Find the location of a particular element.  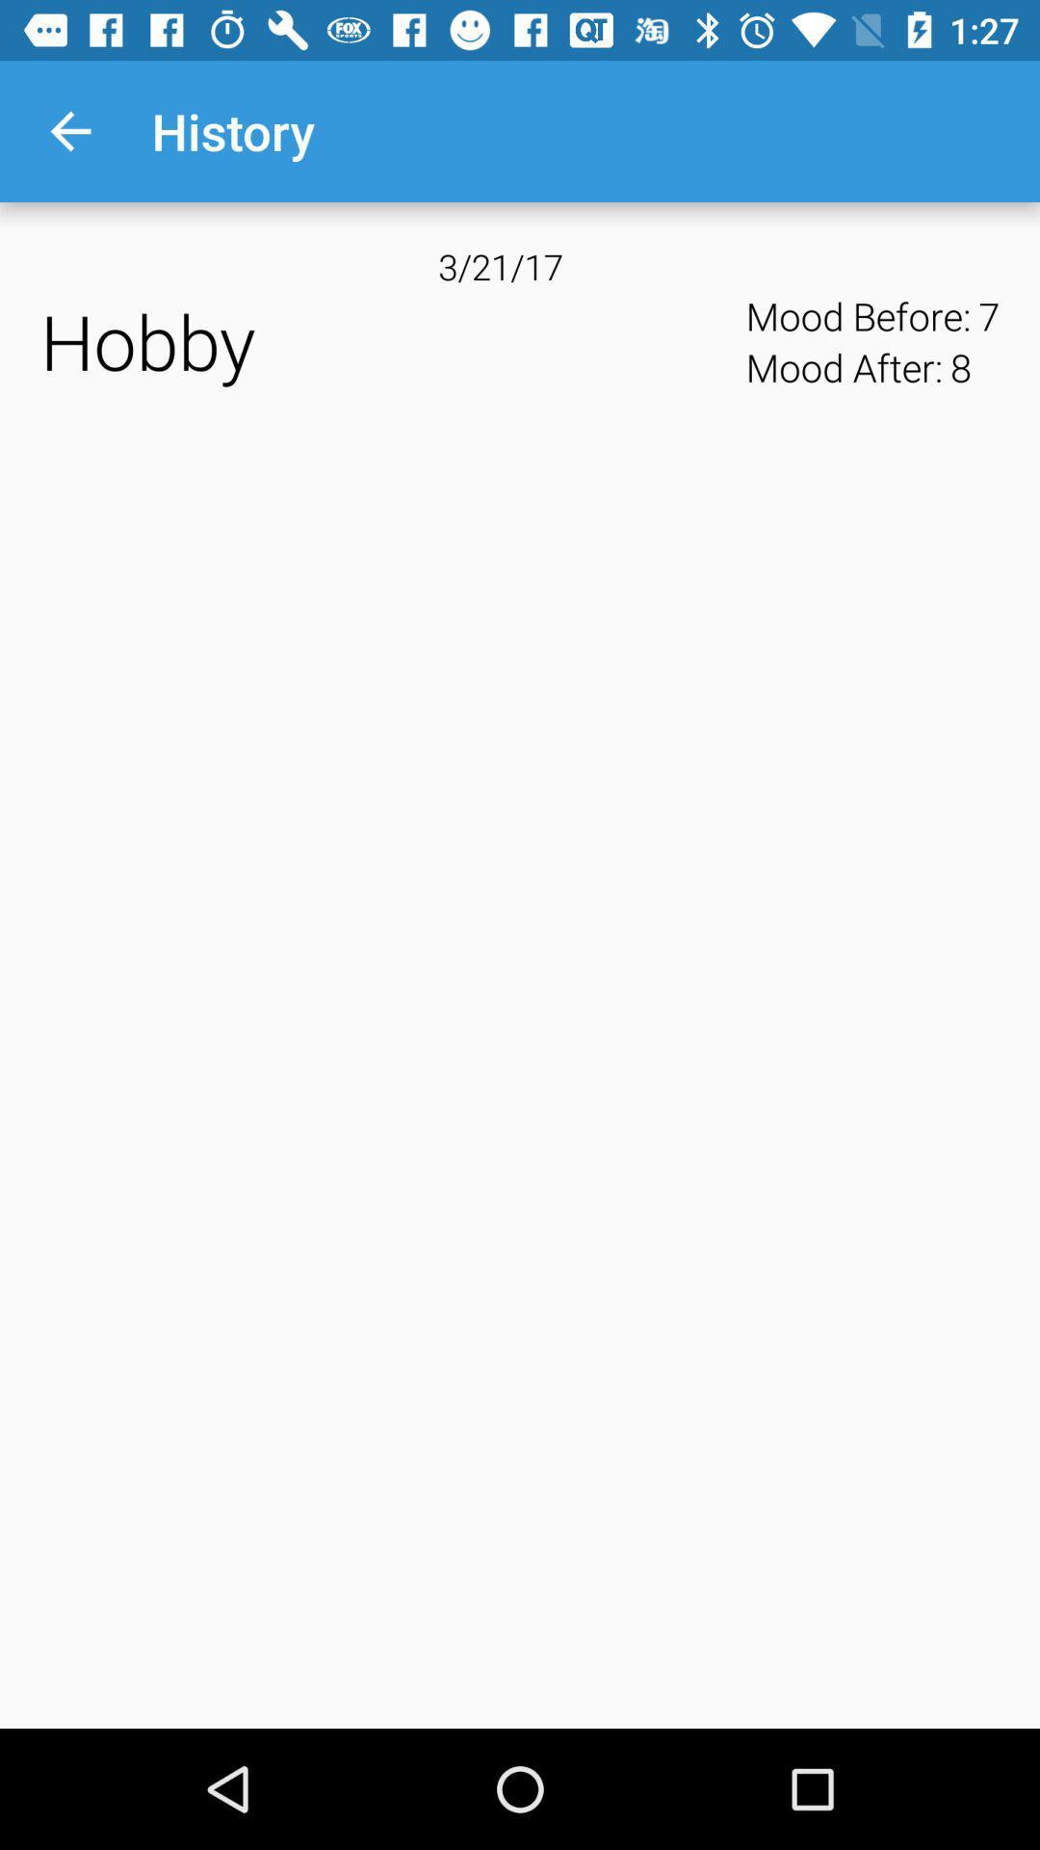

the icon next to history is located at coordinates (69, 130).